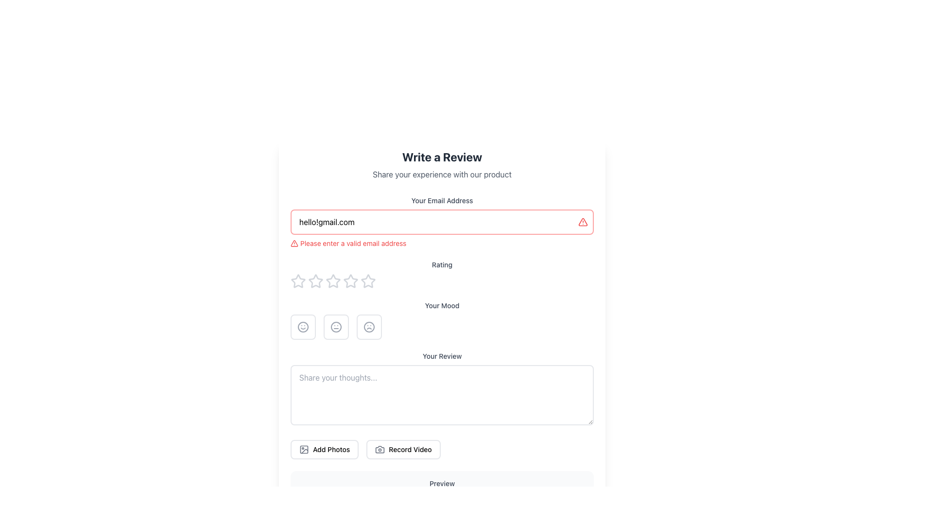 The image size is (933, 525). What do you see at coordinates (303, 450) in the screenshot?
I see `the SVG icon styled as an image representation, which is part of the 'Add Photos' button located in the lower section of the interface` at bounding box center [303, 450].